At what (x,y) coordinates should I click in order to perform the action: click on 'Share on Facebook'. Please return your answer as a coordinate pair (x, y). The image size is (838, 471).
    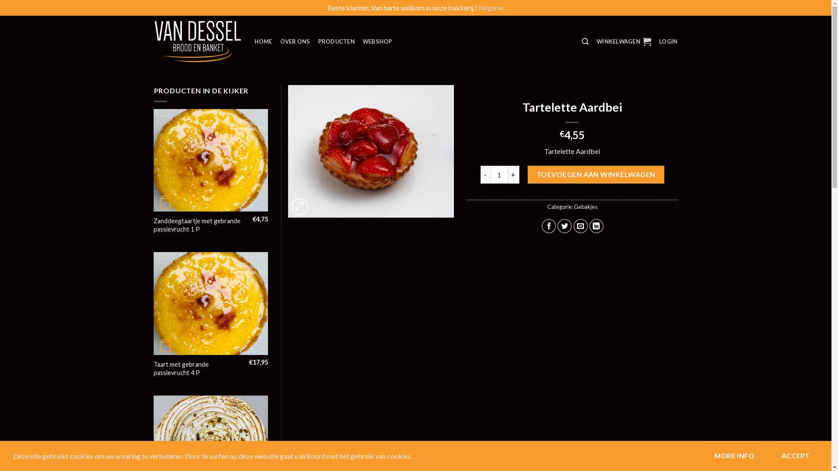
    Looking at the image, I should click on (548, 225).